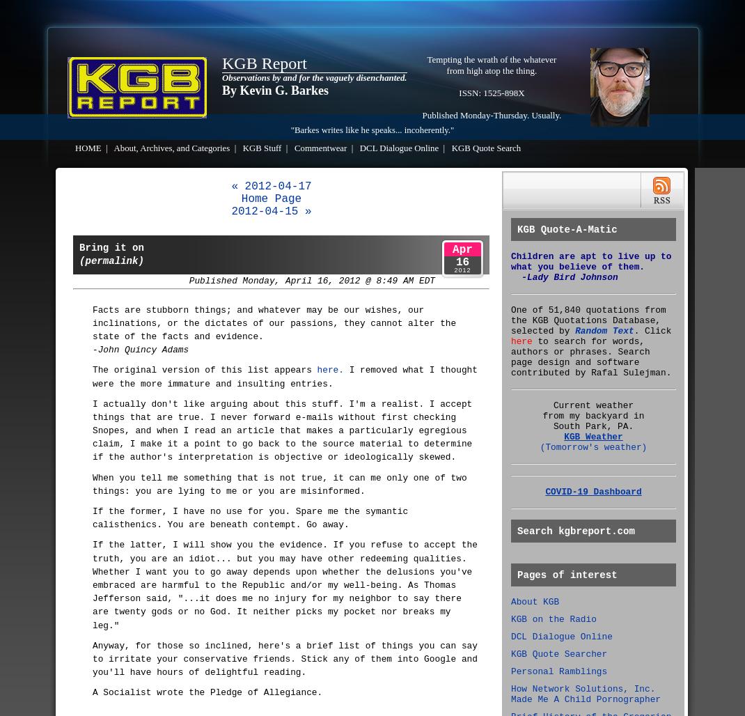  Describe the element at coordinates (249, 517) in the screenshot. I see `'If the former, I have no use for you. Spare me the symantic calisthenics. You are beneath contempt. Go away.'` at that location.